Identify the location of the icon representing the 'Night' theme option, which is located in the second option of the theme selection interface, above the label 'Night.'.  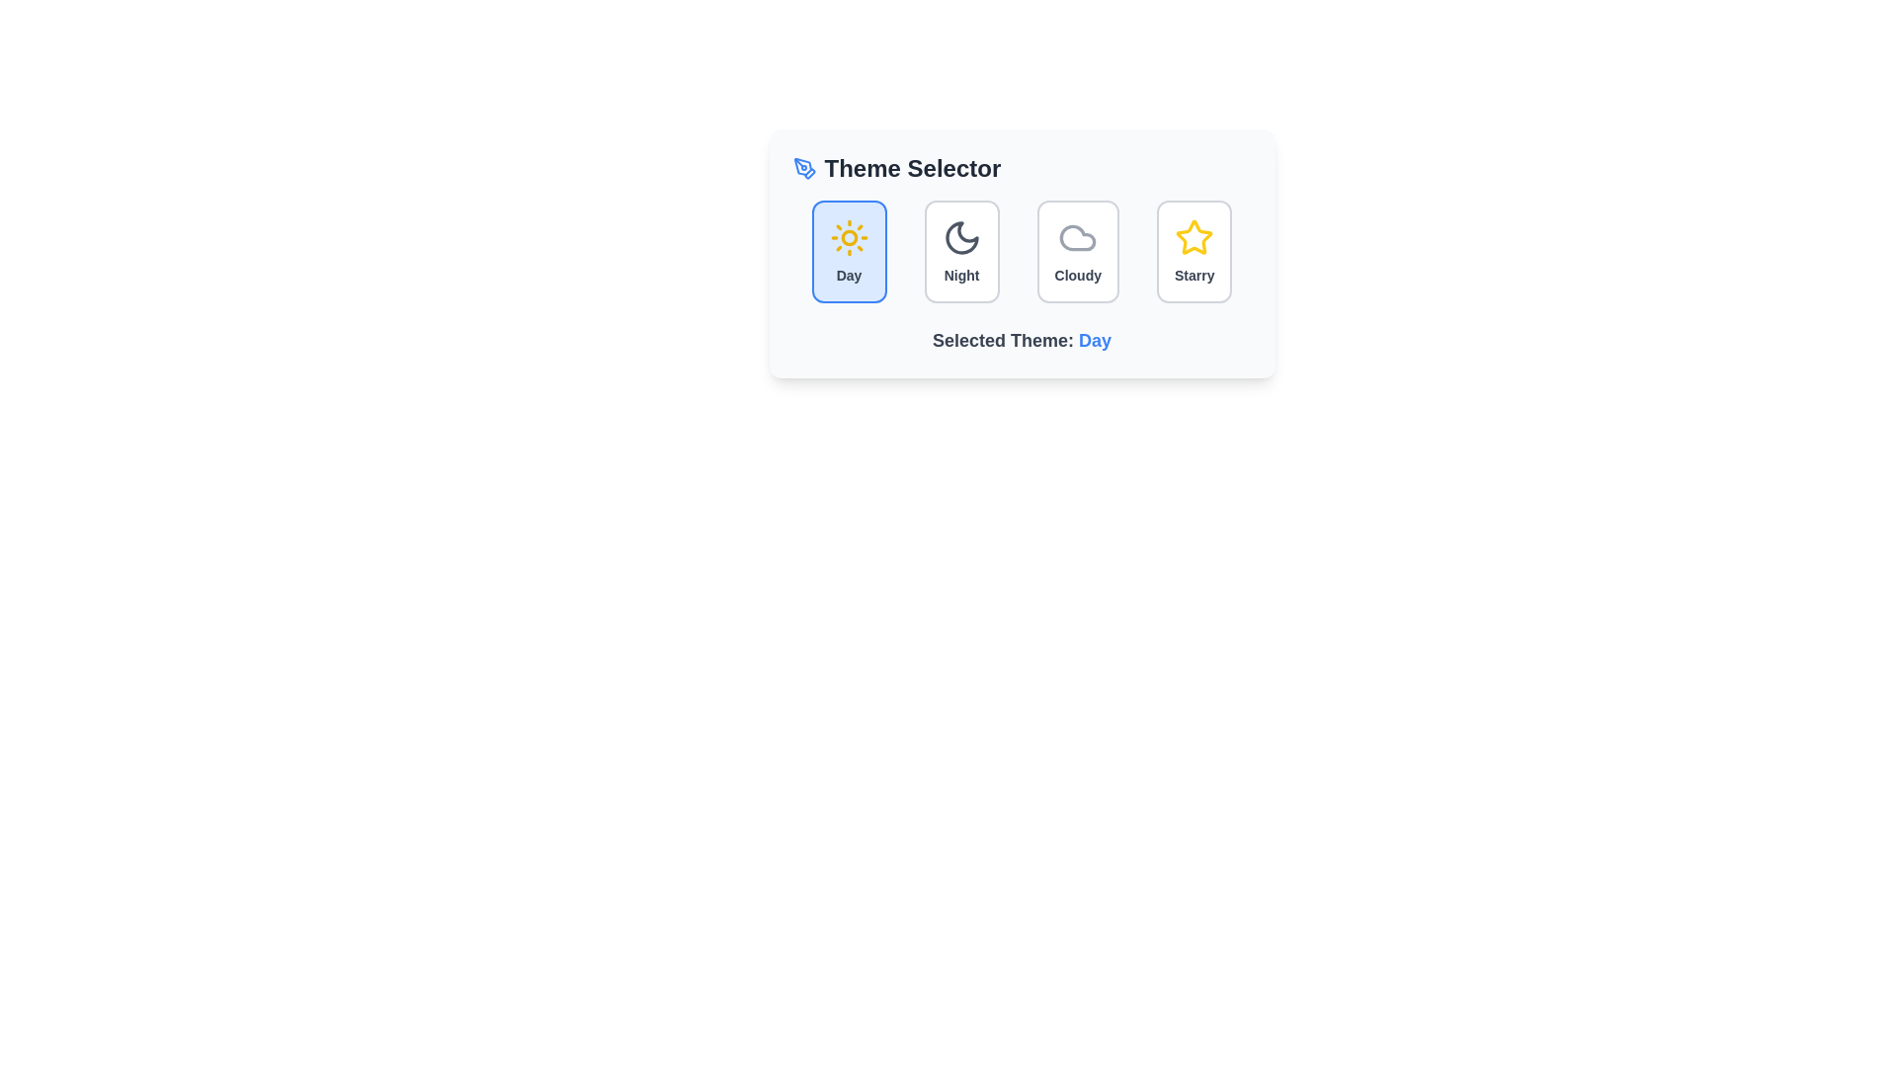
(961, 236).